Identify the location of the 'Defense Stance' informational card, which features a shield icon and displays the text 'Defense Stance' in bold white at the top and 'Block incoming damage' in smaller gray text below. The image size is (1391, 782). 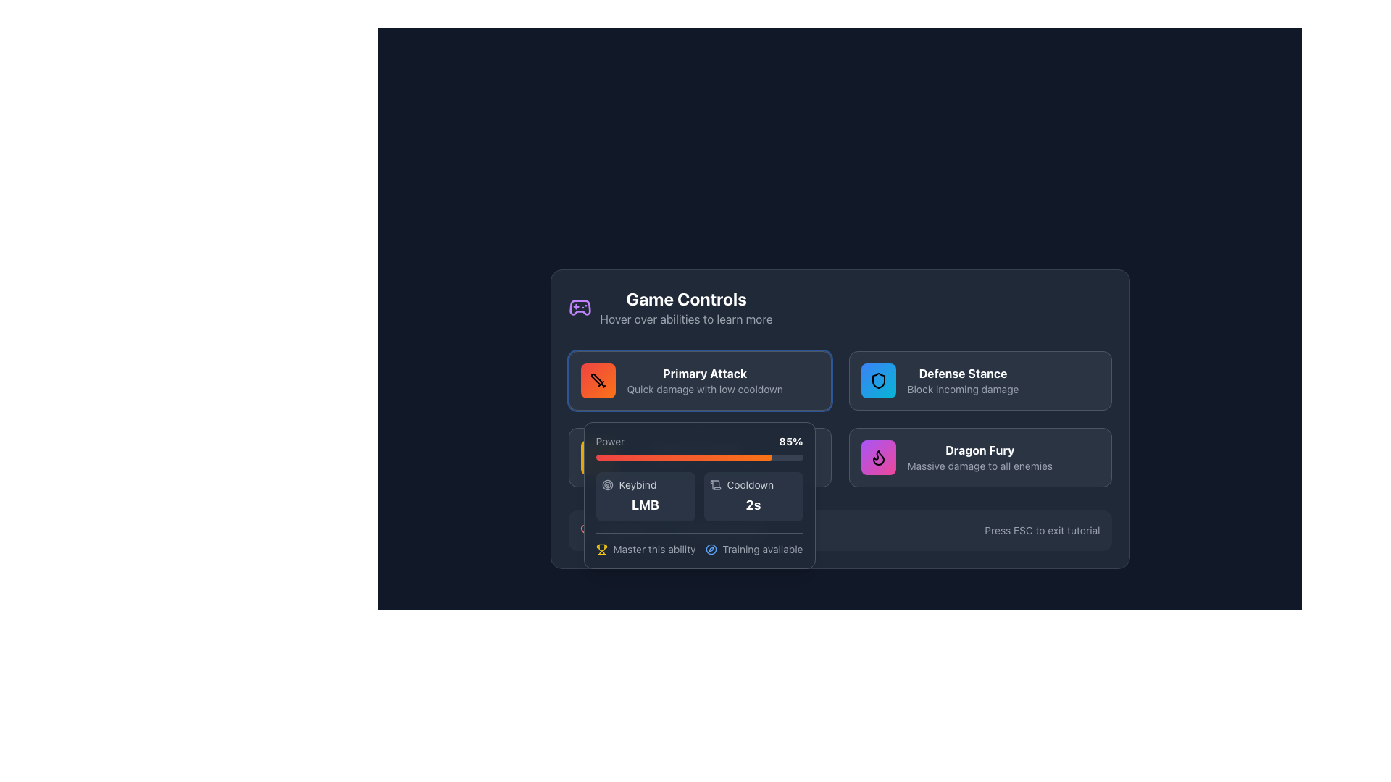
(980, 379).